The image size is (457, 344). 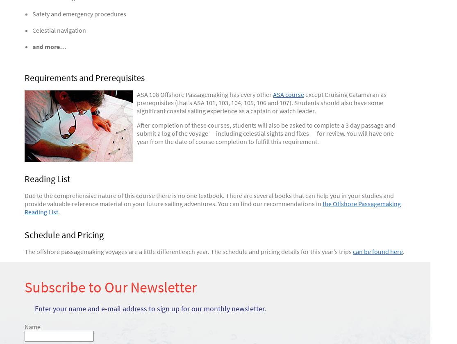 What do you see at coordinates (64, 234) in the screenshot?
I see `'Schedule and Pricing'` at bounding box center [64, 234].